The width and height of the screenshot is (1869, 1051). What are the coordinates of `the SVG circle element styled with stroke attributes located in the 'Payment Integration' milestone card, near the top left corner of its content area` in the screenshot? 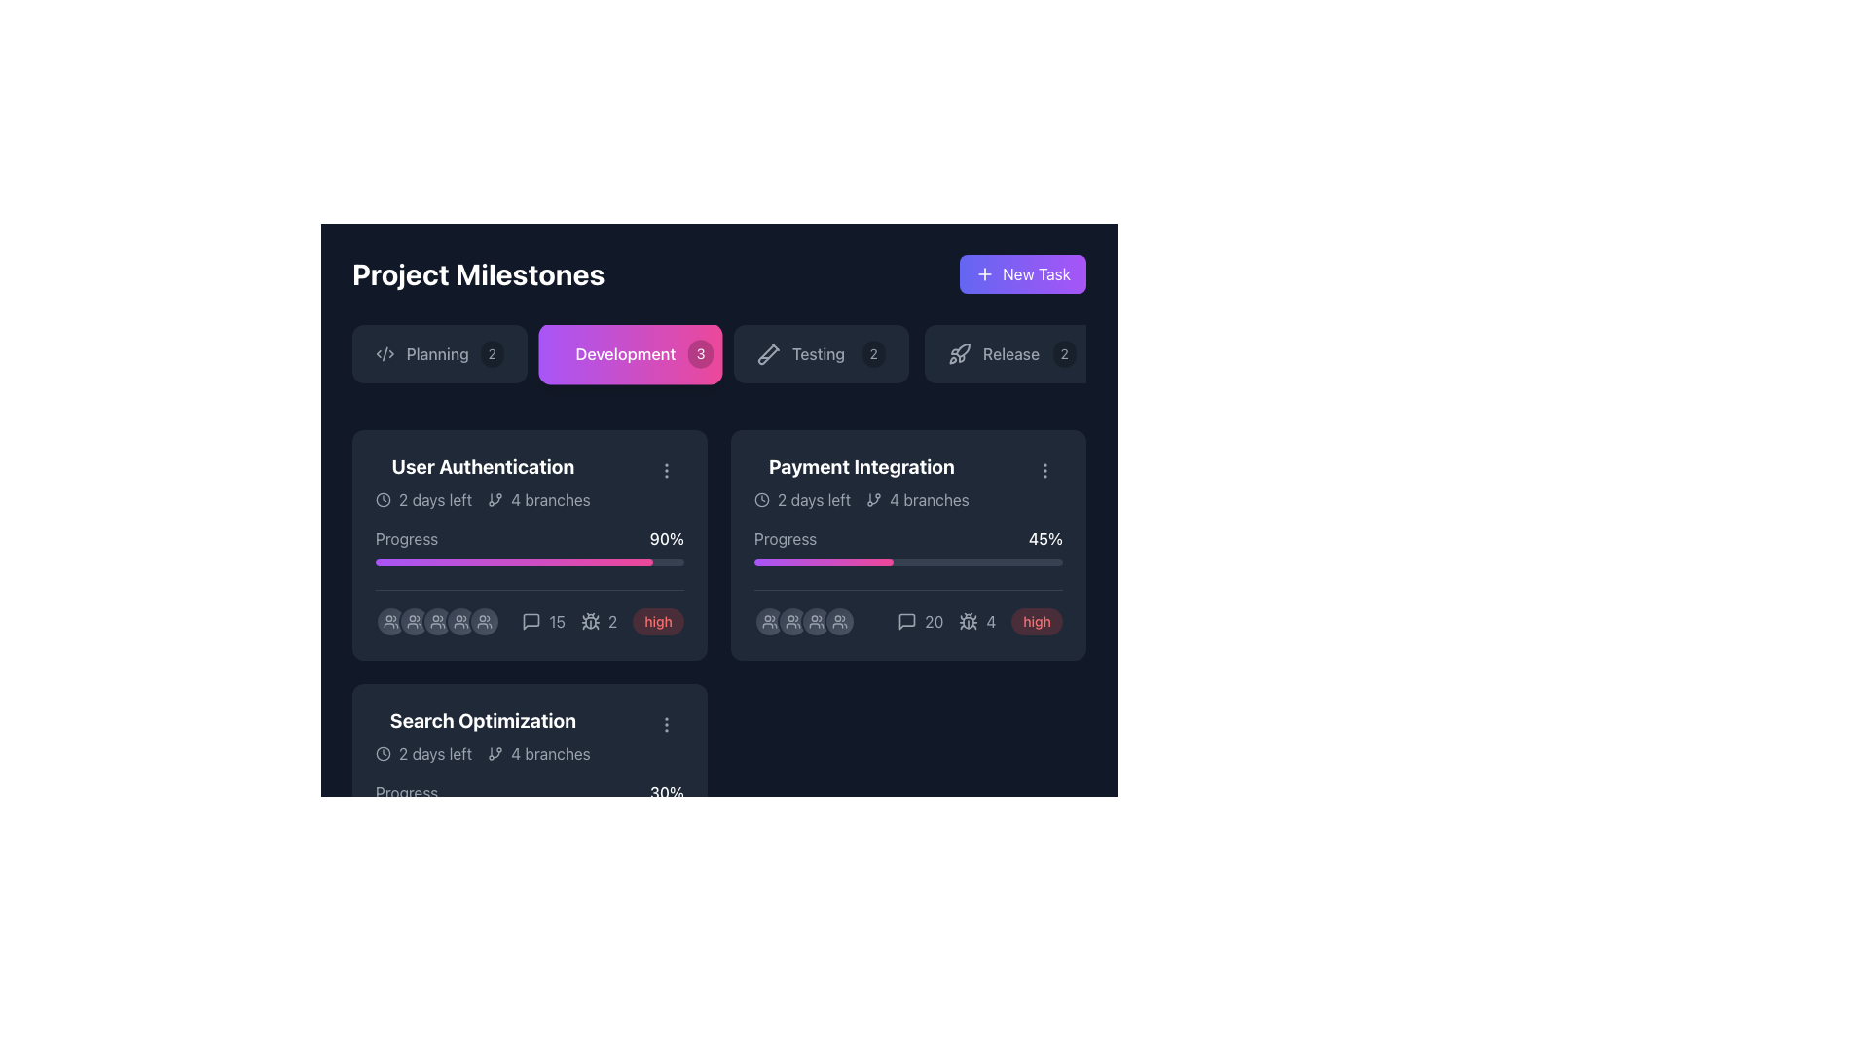 It's located at (760, 498).